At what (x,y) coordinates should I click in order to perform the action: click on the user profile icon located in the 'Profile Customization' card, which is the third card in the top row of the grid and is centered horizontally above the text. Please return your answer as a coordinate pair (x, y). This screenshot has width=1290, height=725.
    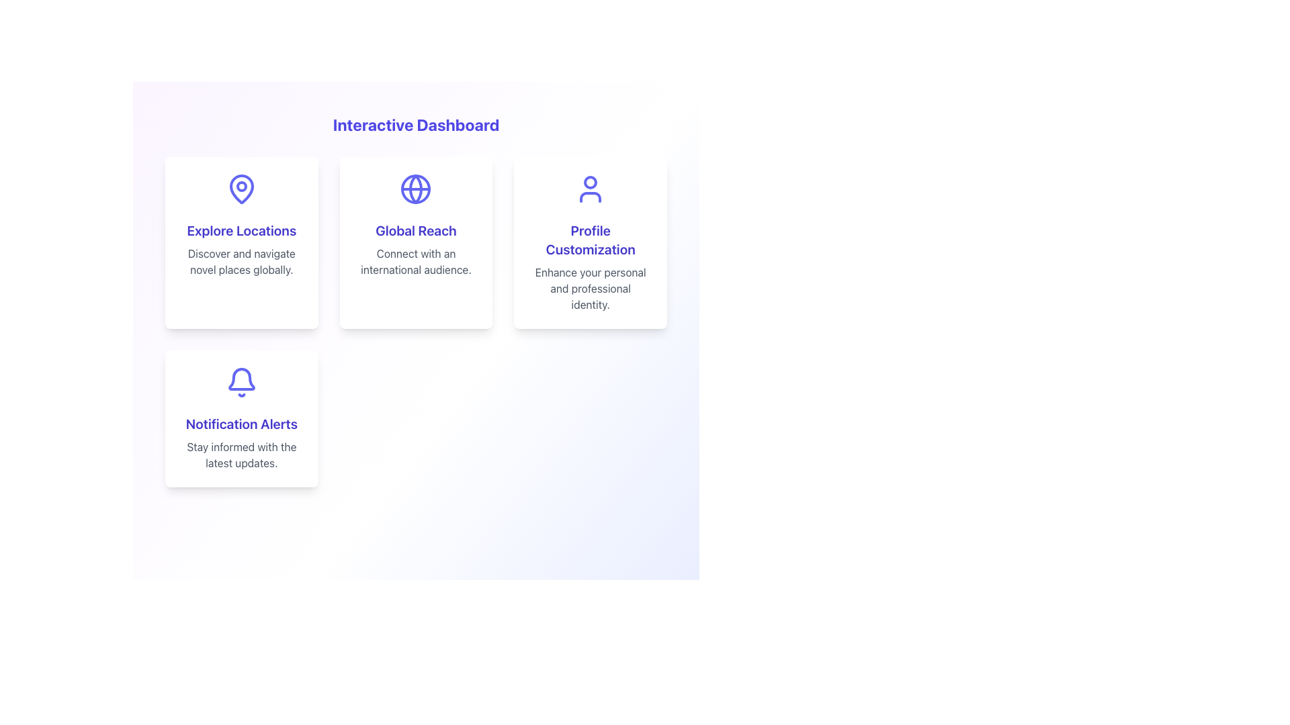
    Looking at the image, I should click on (591, 189).